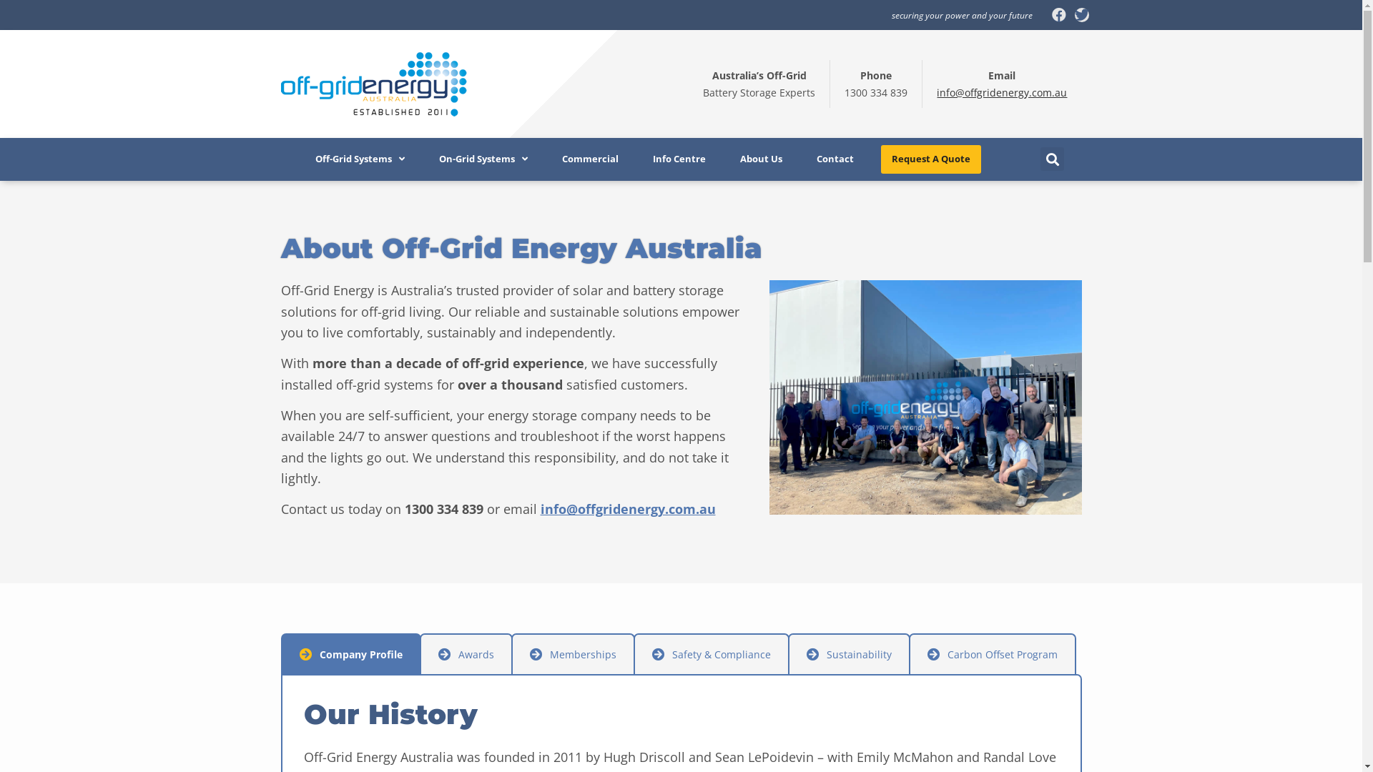 Image resolution: width=1373 pixels, height=772 pixels. Describe the element at coordinates (930, 159) in the screenshot. I see `'Request A Quote'` at that location.